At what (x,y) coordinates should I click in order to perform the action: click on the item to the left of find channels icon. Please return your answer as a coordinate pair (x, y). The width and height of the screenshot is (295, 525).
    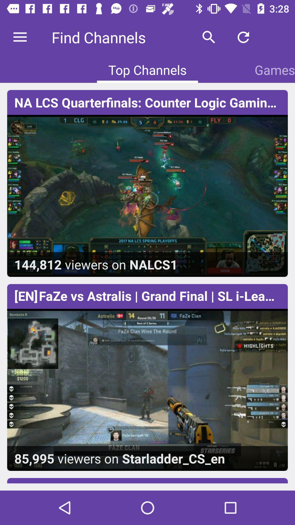
    Looking at the image, I should click on (20, 37).